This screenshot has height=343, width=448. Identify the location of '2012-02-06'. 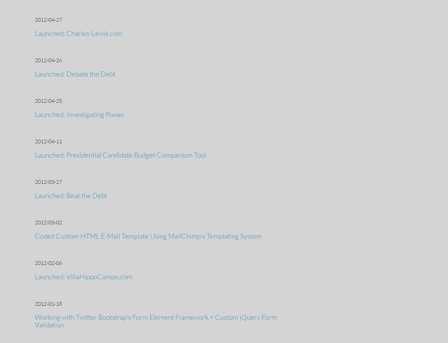
(48, 263).